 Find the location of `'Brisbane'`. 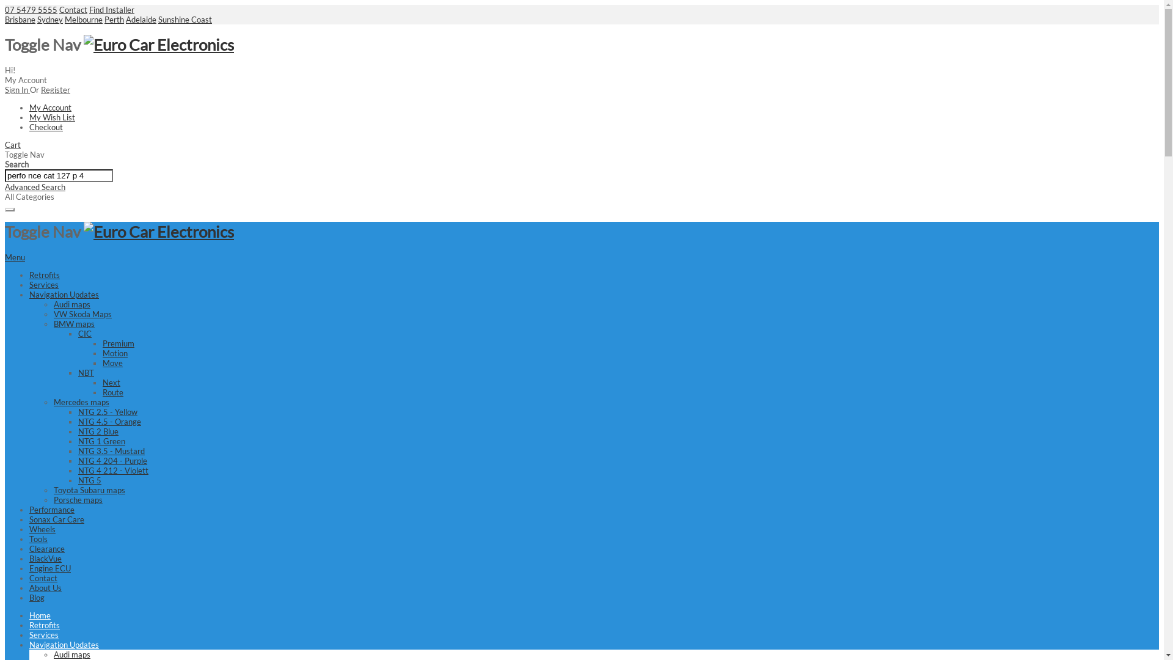

'Brisbane' is located at coordinates (20, 19).